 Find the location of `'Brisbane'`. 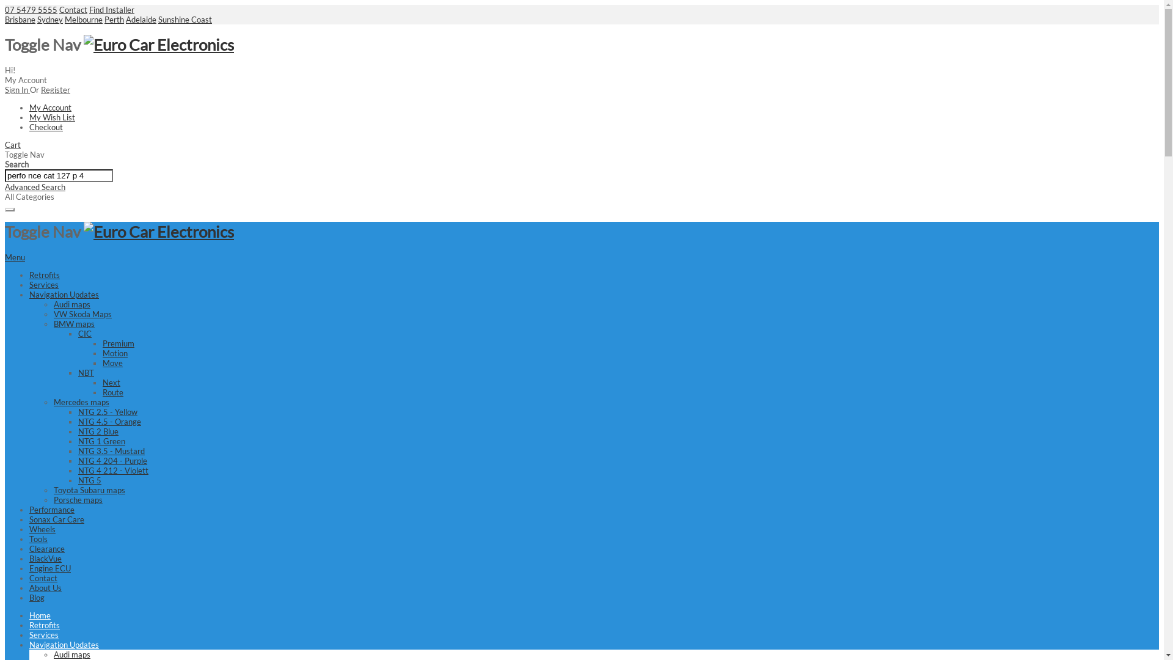

'Brisbane' is located at coordinates (20, 19).